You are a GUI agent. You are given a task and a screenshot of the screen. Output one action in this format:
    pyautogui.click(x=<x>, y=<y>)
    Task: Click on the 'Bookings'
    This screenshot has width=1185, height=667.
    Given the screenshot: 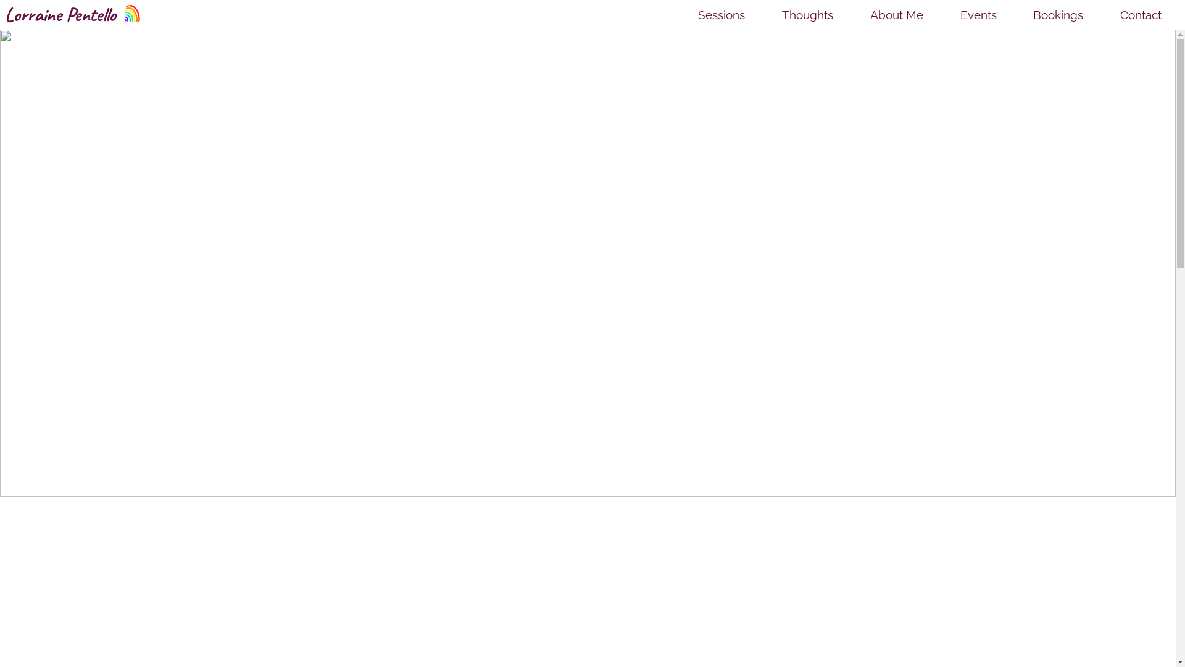 What is the action you would take?
    pyautogui.click(x=1027, y=14)
    